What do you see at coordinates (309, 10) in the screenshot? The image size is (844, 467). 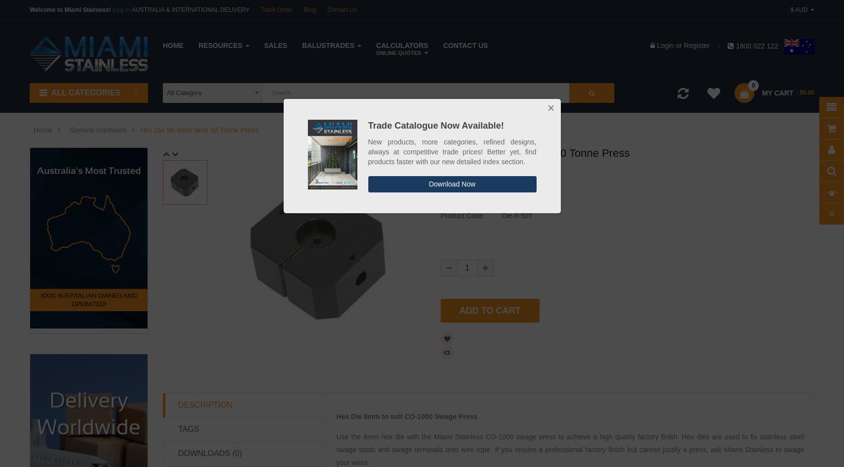 I see `'Blog'` at bounding box center [309, 10].